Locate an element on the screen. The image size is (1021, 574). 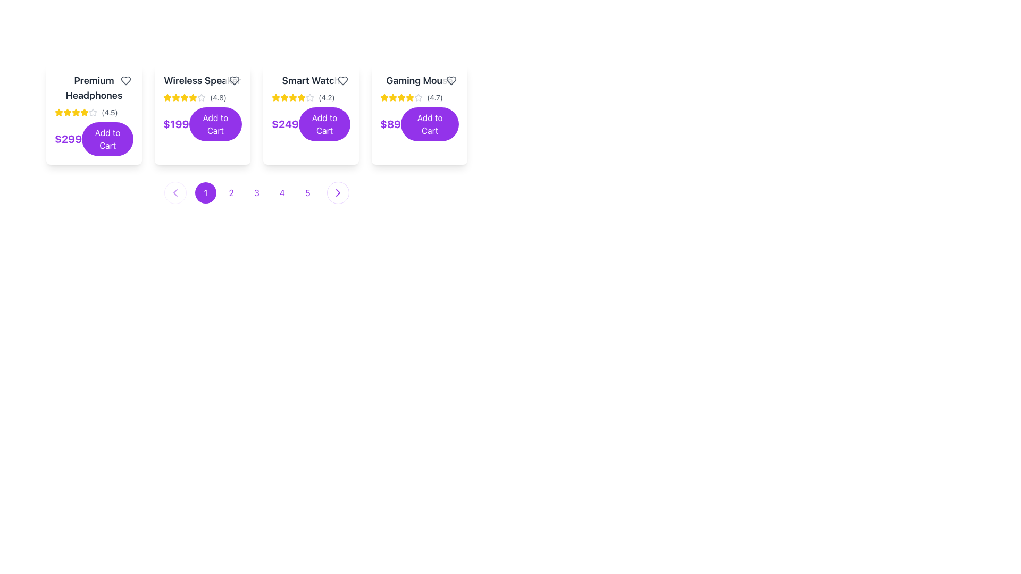
the second filled yellow star icon in the rating section of the Wireless Speaker product card to interact with the rating system is located at coordinates (184, 97).